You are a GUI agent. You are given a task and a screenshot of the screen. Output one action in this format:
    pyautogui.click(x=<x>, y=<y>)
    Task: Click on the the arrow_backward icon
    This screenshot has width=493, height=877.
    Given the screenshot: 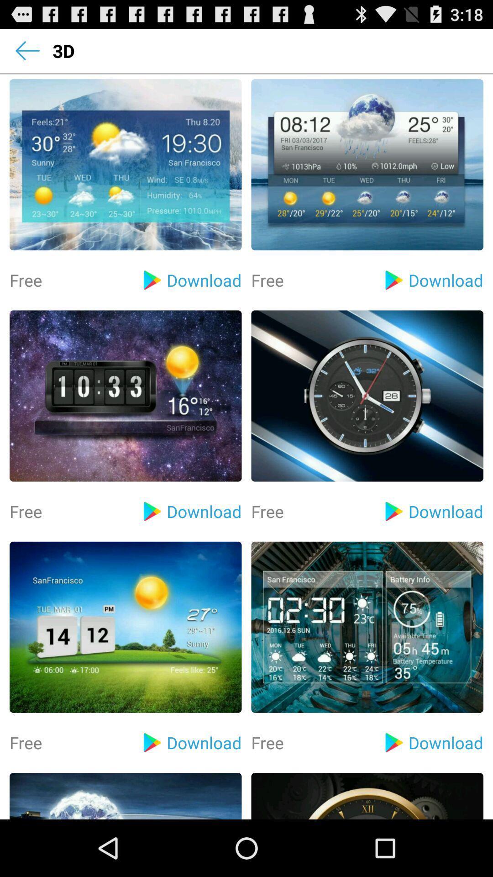 What is the action you would take?
    pyautogui.click(x=27, y=54)
    